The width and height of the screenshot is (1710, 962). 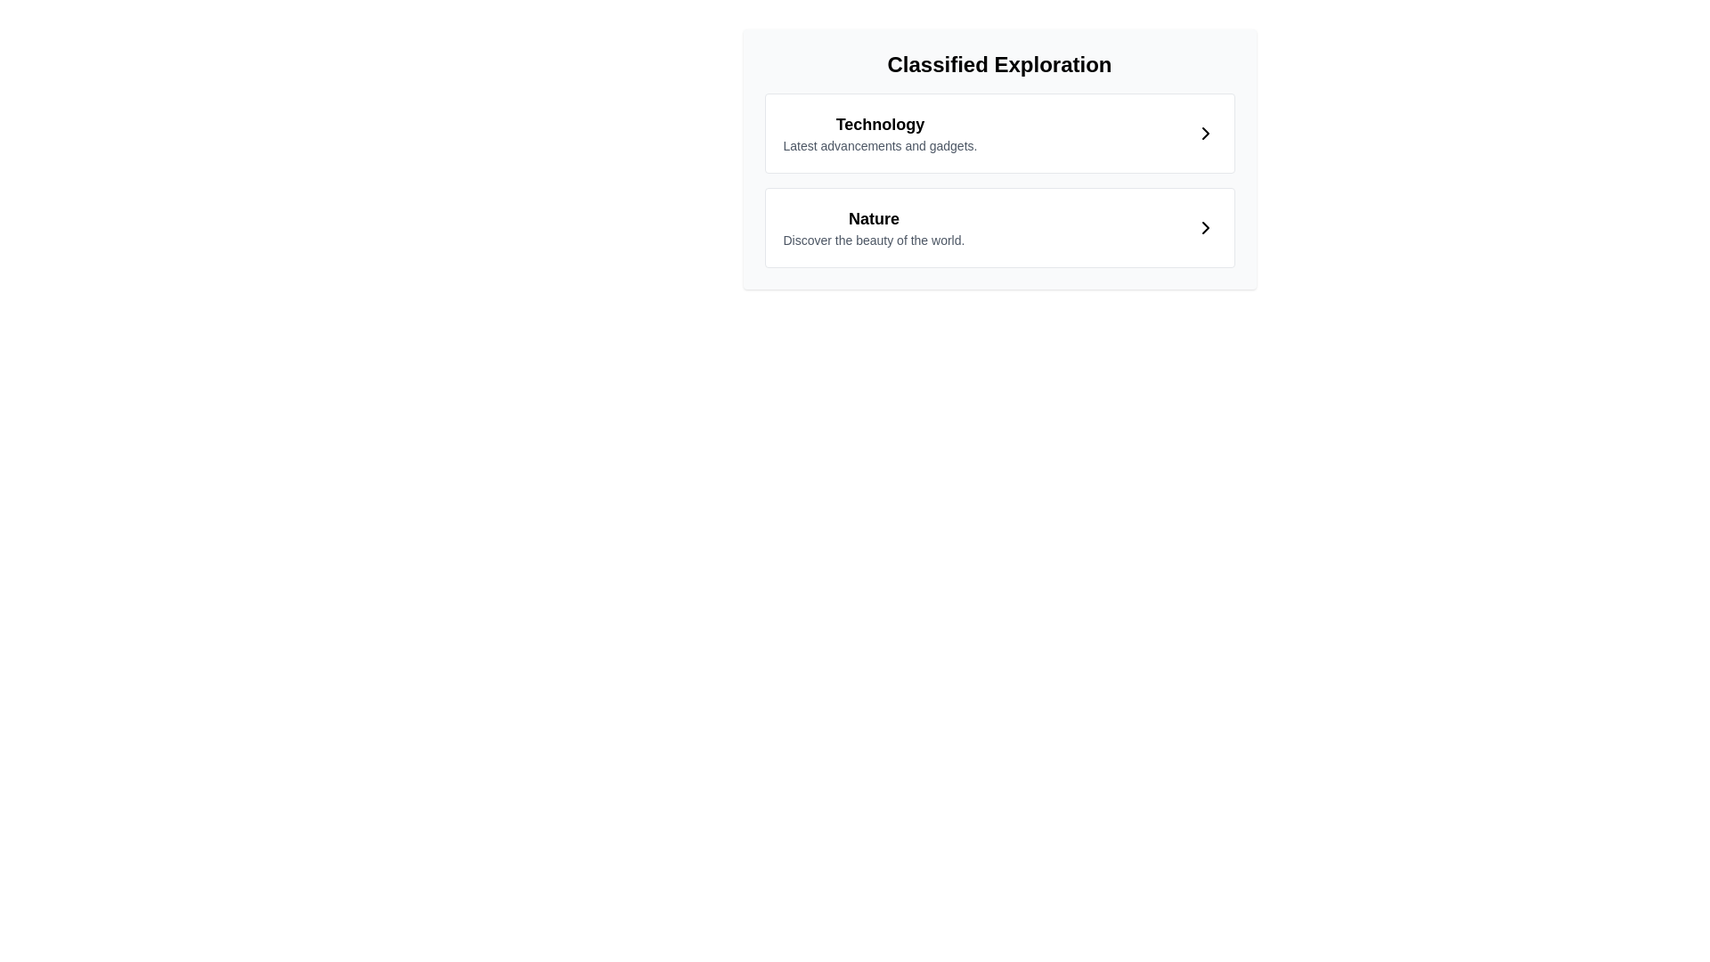 What do you see at coordinates (880, 145) in the screenshot?
I see `the text snippet reading 'Latest advancements and gadgets.' located below the 'Technology' heading` at bounding box center [880, 145].